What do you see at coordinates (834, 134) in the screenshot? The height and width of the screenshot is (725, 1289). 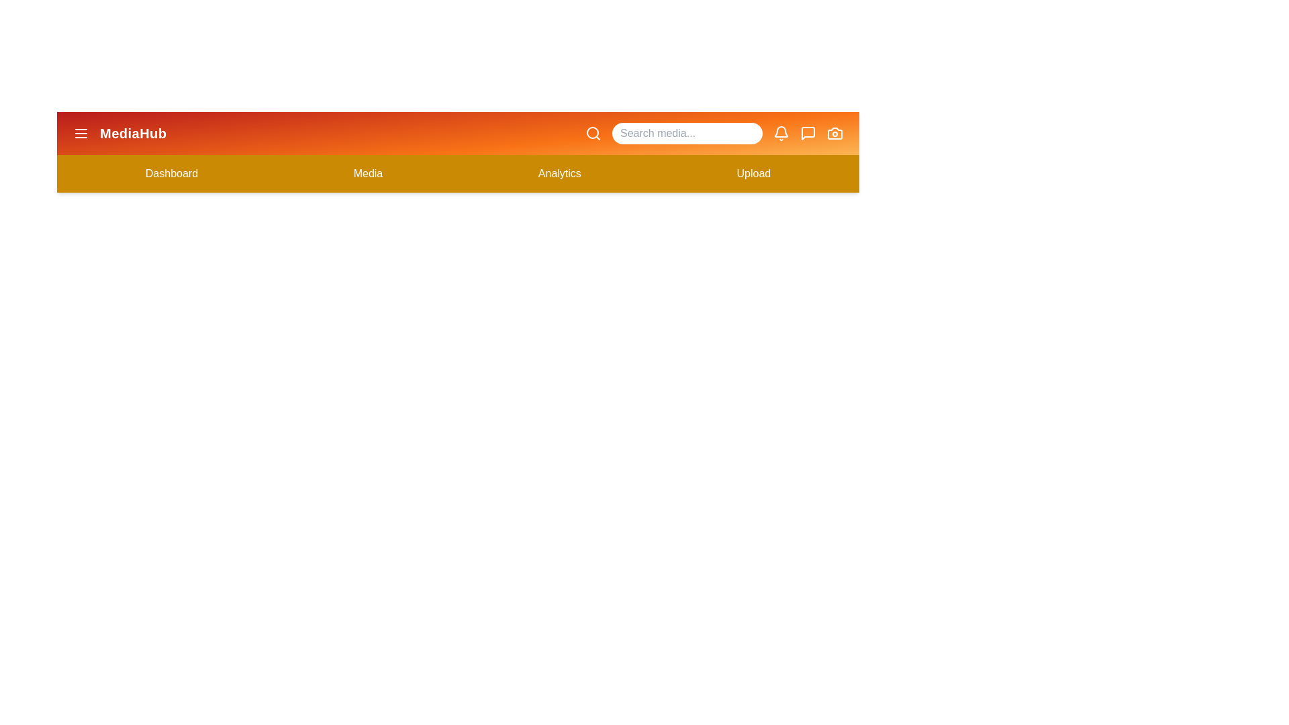 I see `the camera icon to trigger its associated functionality` at bounding box center [834, 134].